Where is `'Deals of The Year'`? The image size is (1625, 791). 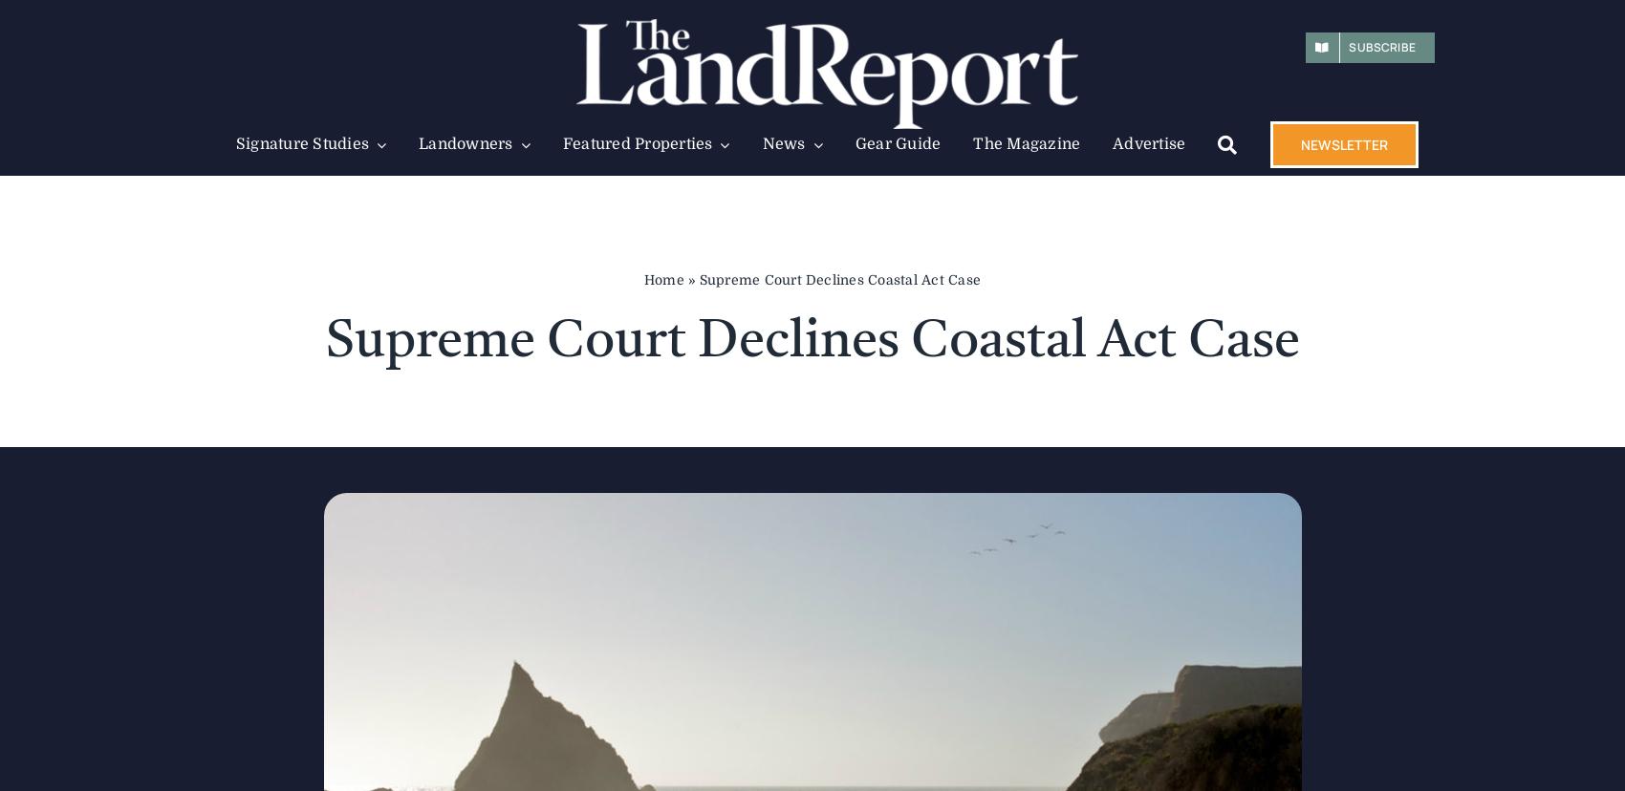
'Deals of The Year' is located at coordinates (618, 398).